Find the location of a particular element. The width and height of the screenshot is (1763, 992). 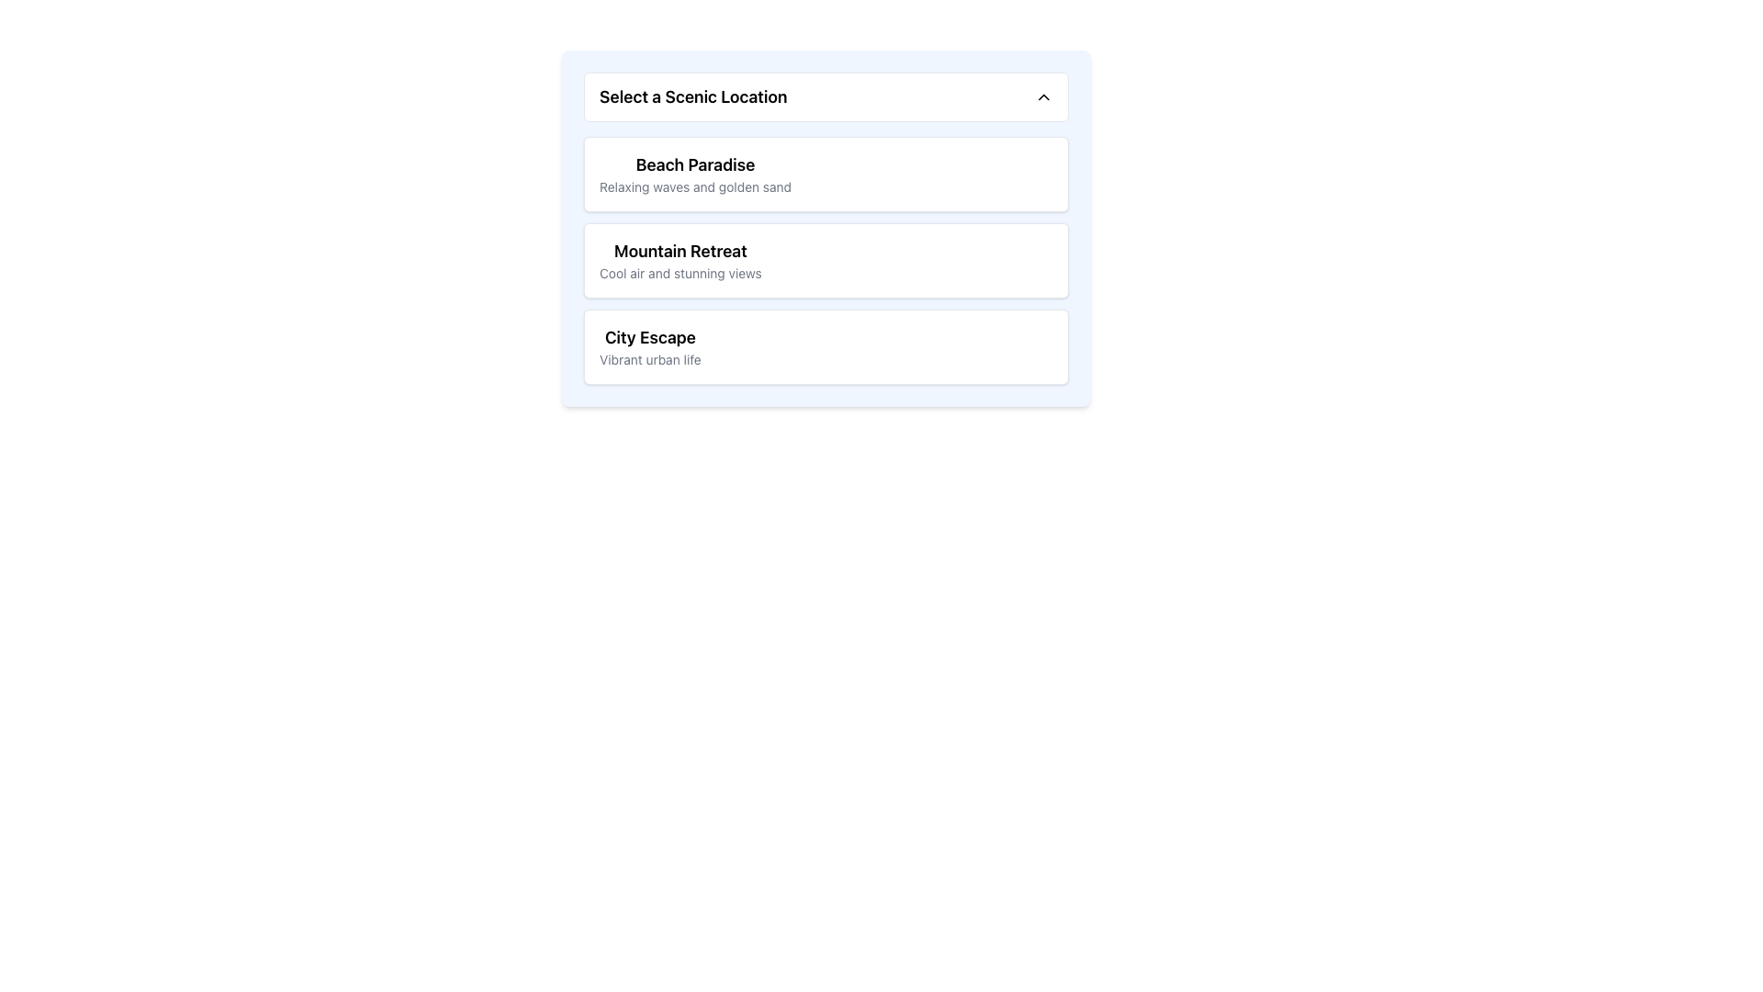

the Text Label that provides additional descriptive information about the 'City Escape' option, located directly below its sibling element is located at coordinates (650, 360).